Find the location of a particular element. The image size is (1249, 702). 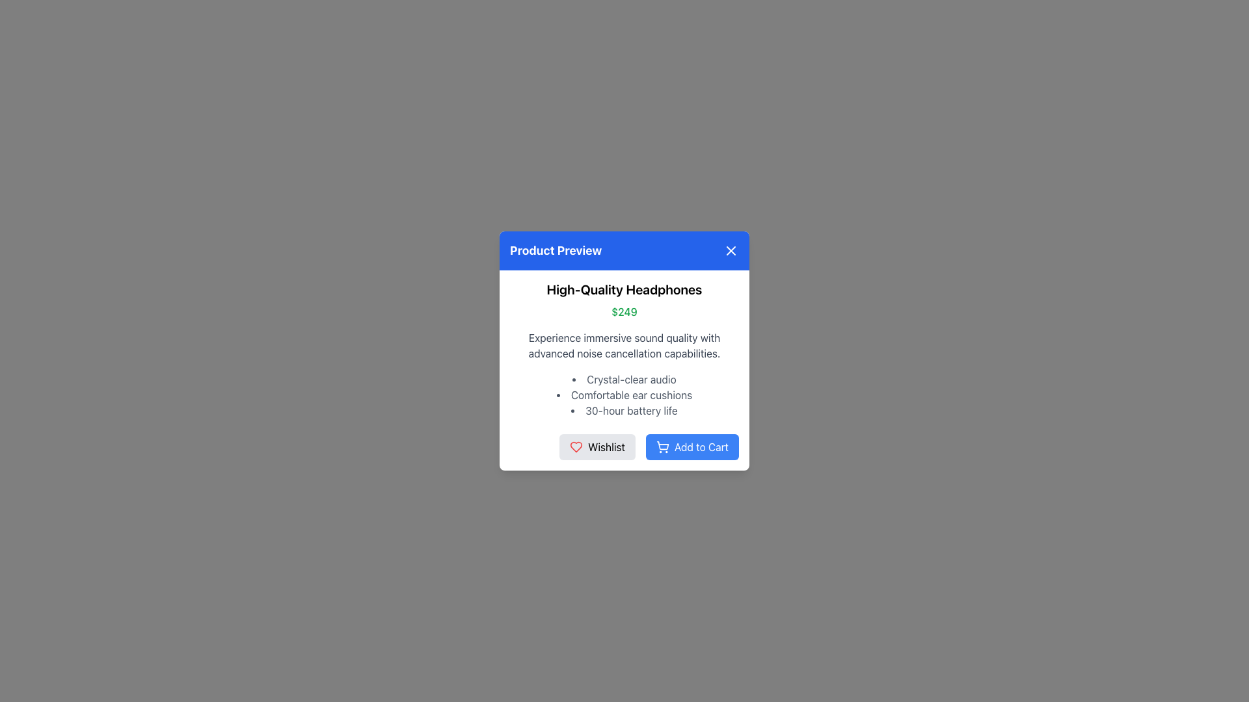

the text element displaying '30-hour battery life' in the bullet list of the 'Product Preview' modal is located at coordinates (624, 411).